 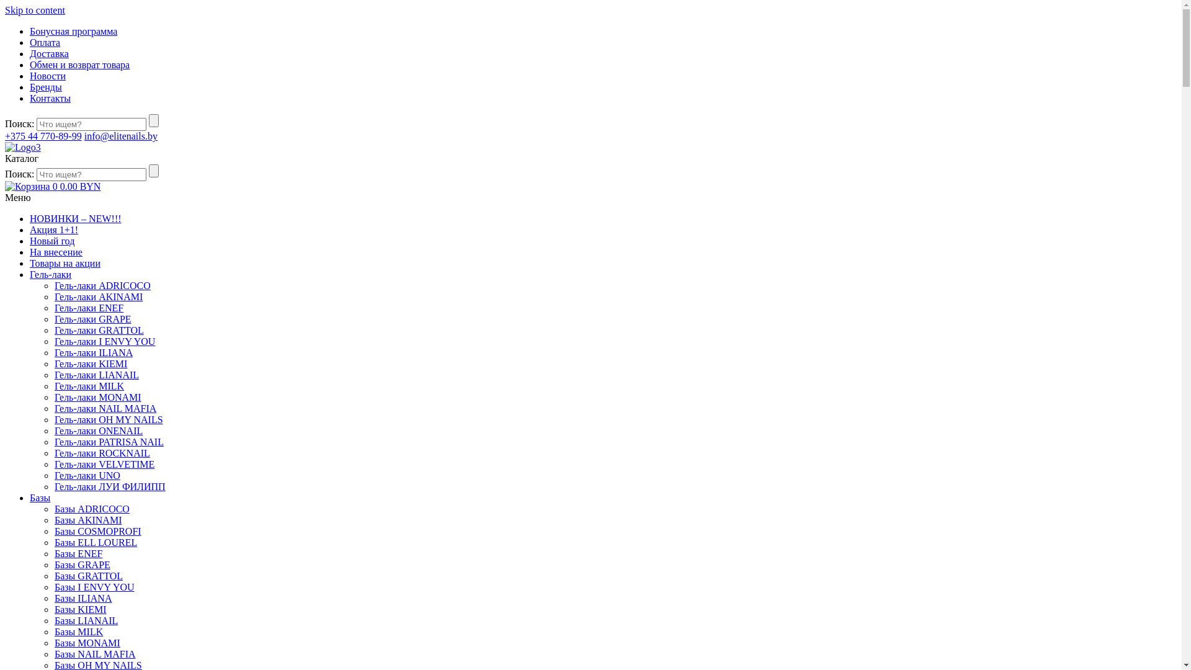 I want to click on '0 0.00 BYN', so click(x=5, y=186).